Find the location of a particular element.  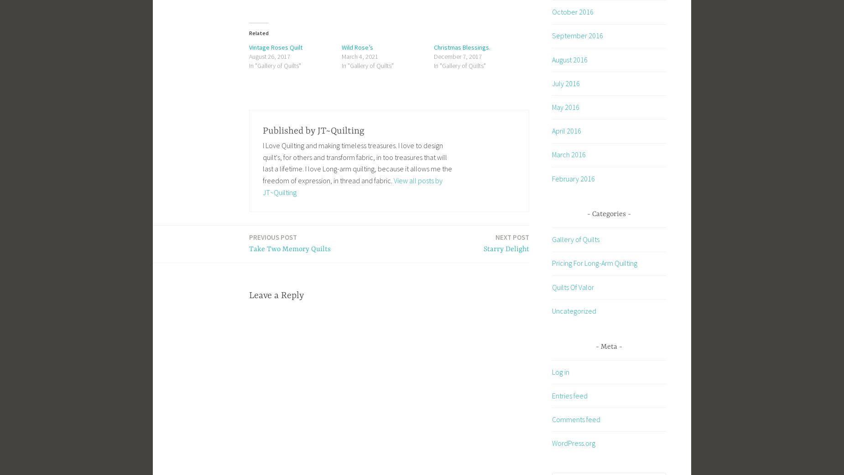

'September 2016' is located at coordinates (577, 35).